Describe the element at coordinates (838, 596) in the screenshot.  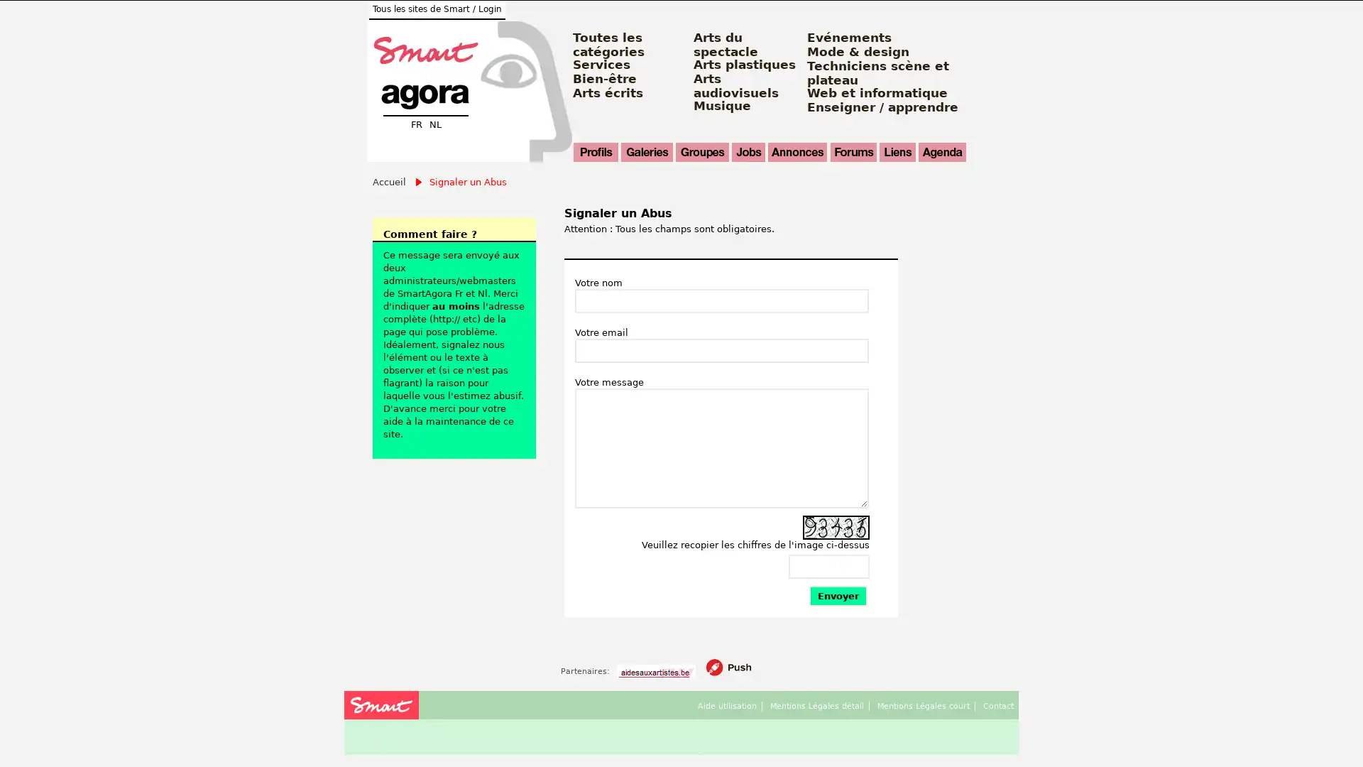
I see `Envoyer` at that location.